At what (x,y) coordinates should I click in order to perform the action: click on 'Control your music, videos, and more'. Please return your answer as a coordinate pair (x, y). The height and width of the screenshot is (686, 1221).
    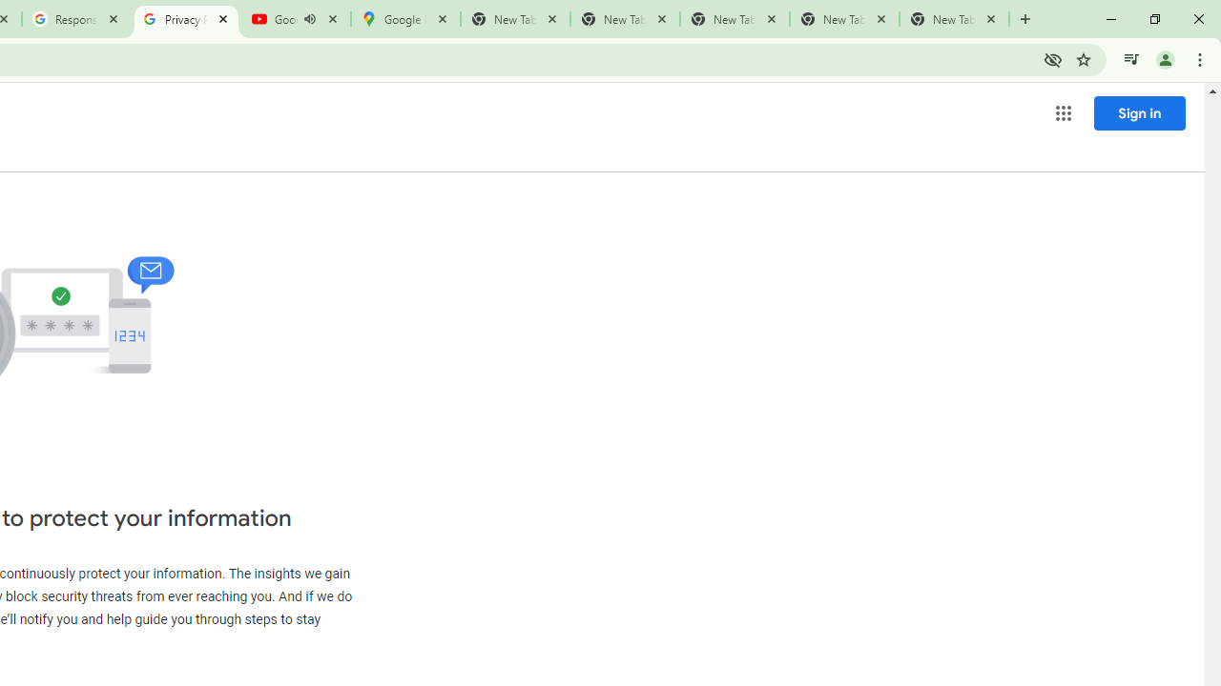
    Looking at the image, I should click on (1130, 58).